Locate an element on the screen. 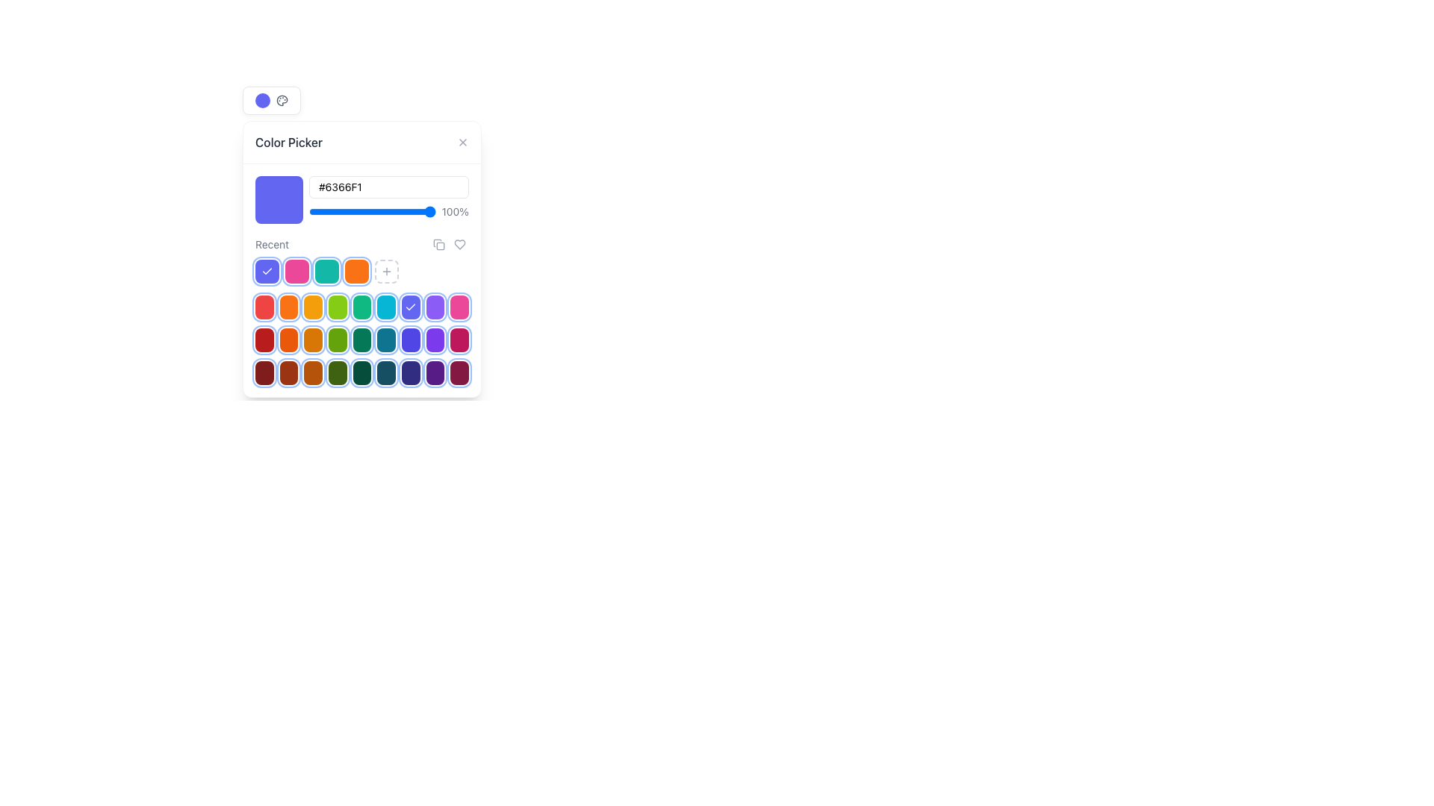 This screenshot has height=806, width=1434. the slider is located at coordinates (311, 212).